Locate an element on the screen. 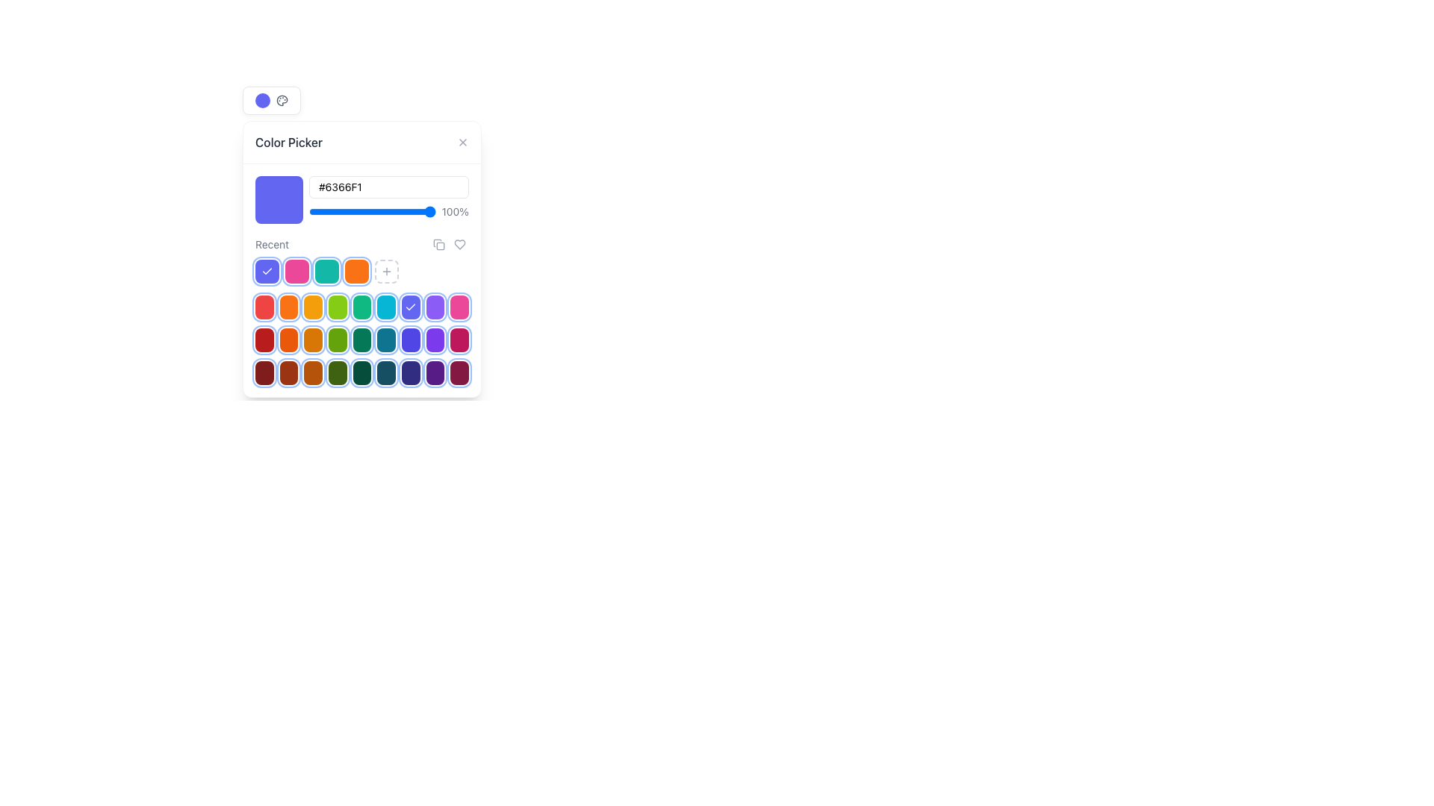 This screenshot has height=806, width=1434. the slider is located at coordinates (311, 212).